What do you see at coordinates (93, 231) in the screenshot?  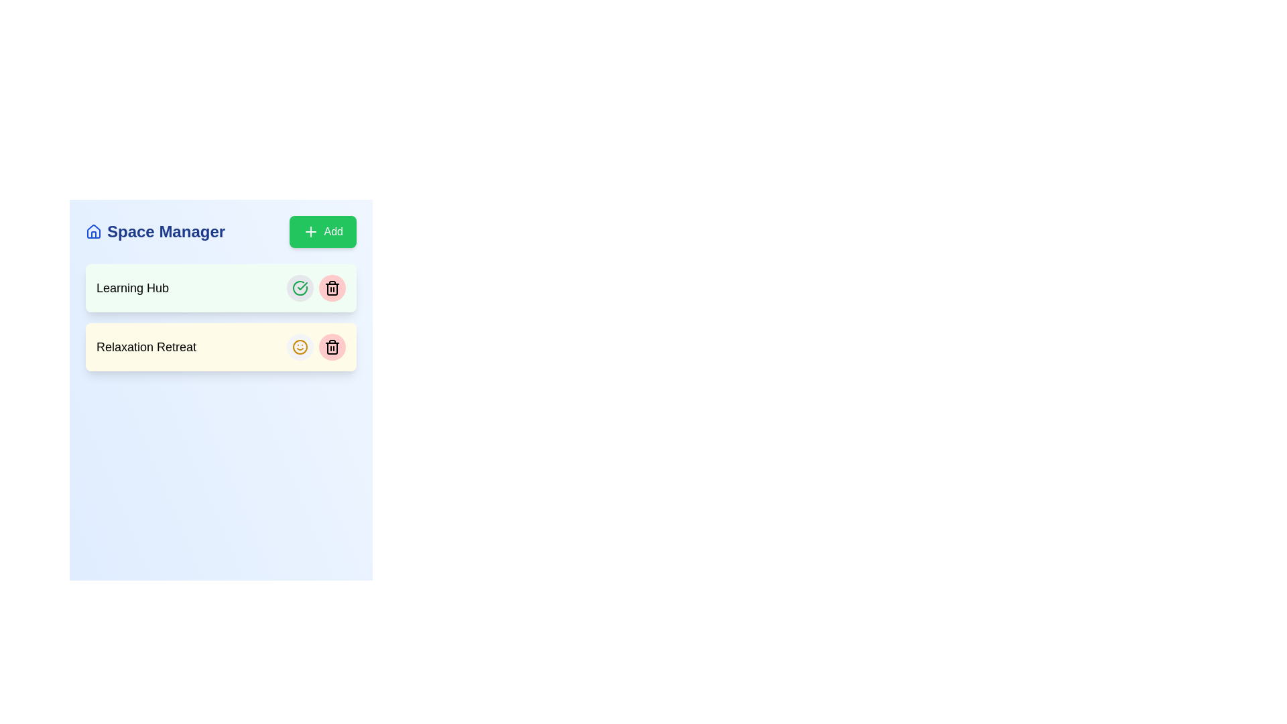 I see `the small house-shaped icon with a blue outline located at the top-left of the 'Space Manager' section's header, adjacent to the 'Space Manager' text` at bounding box center [93, 231].